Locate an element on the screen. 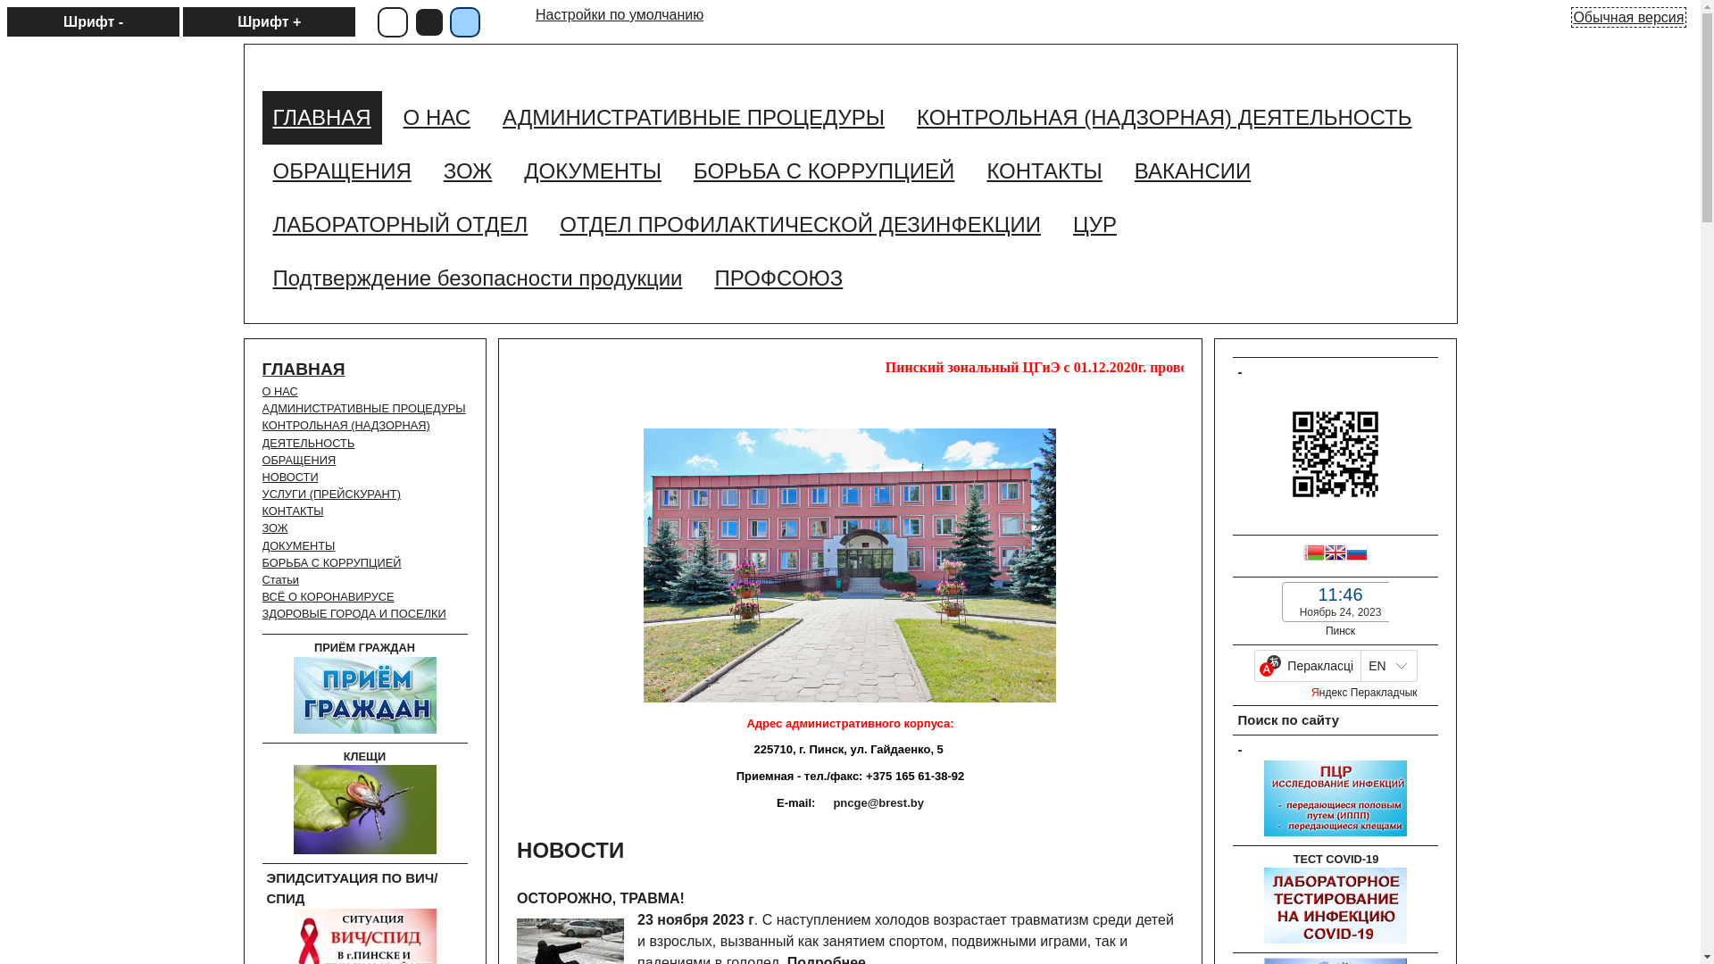  'Belarusian' is located at coordinates (1314, 554).